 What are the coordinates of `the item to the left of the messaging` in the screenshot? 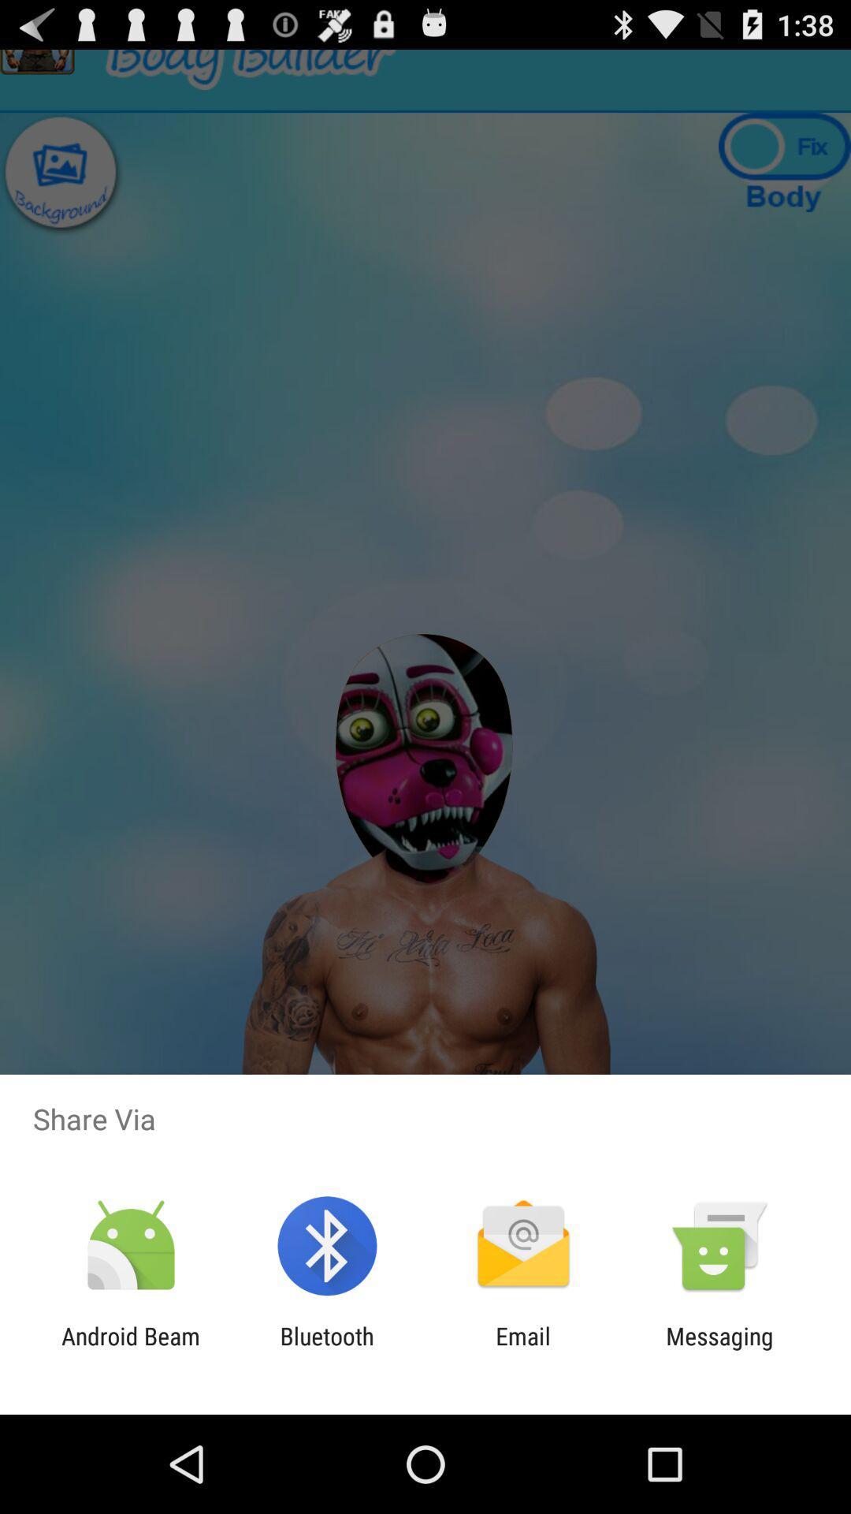 It's located at (523, 1349).